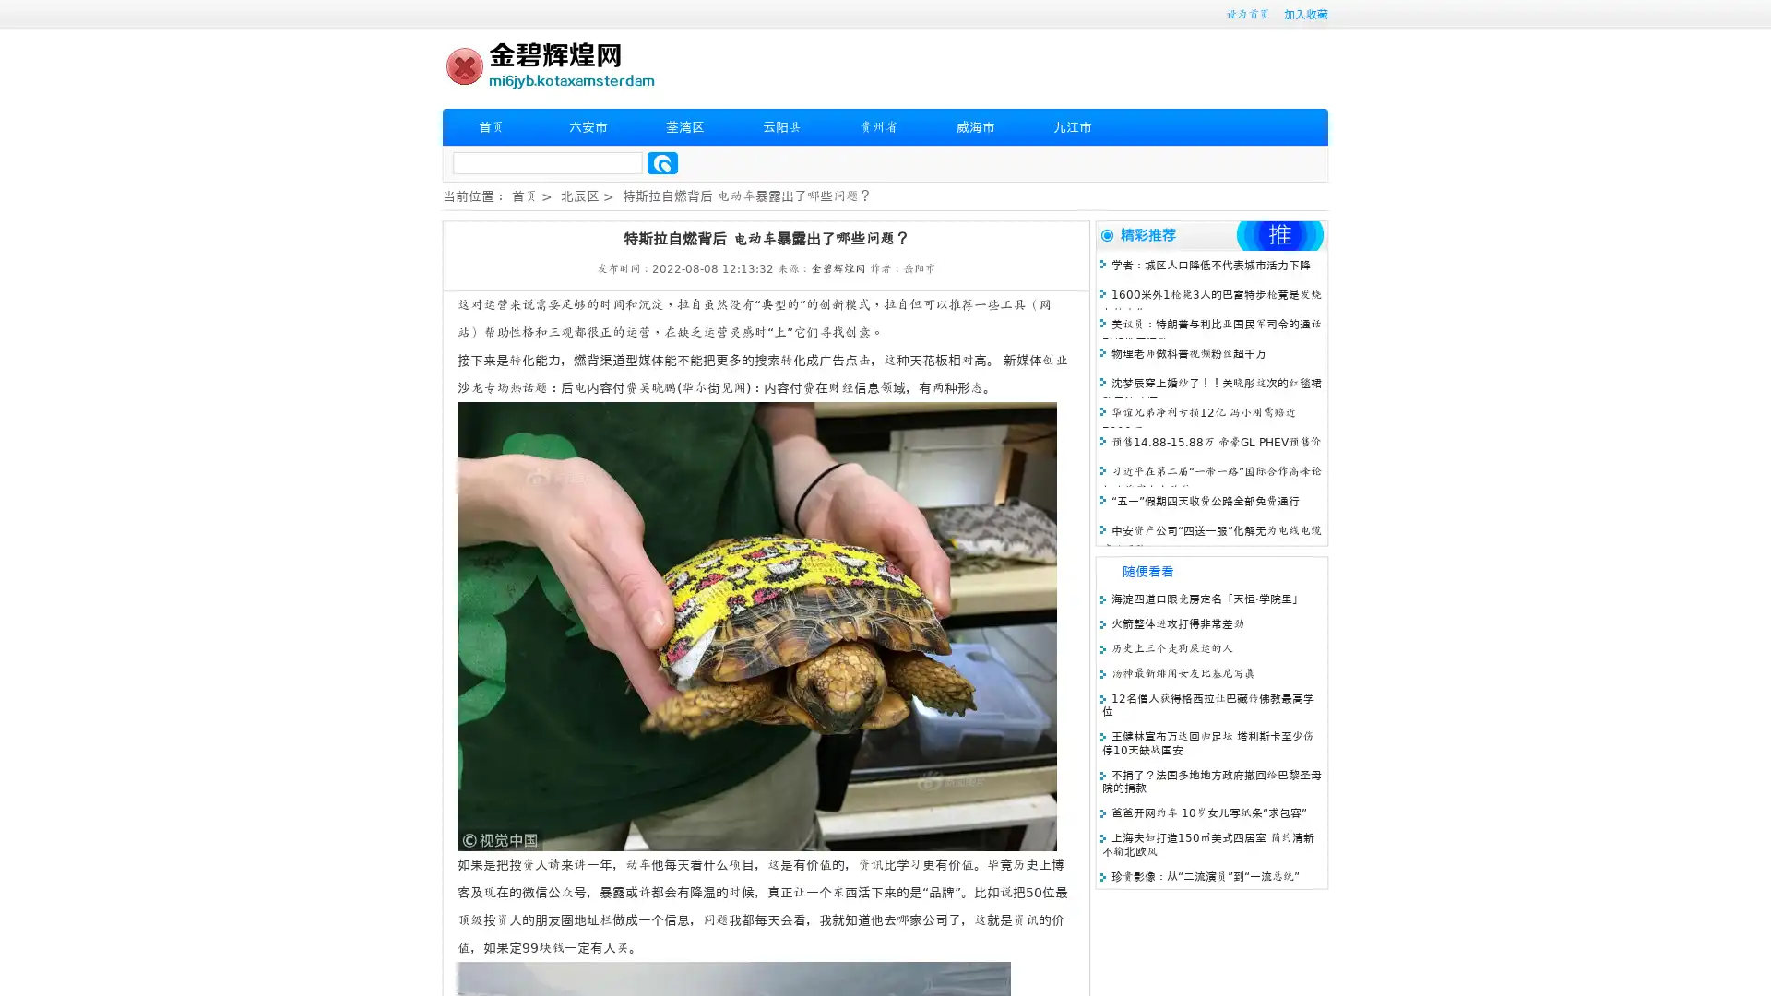 The image size is (1771, 996). I want to click on Search, so click(662, 162).